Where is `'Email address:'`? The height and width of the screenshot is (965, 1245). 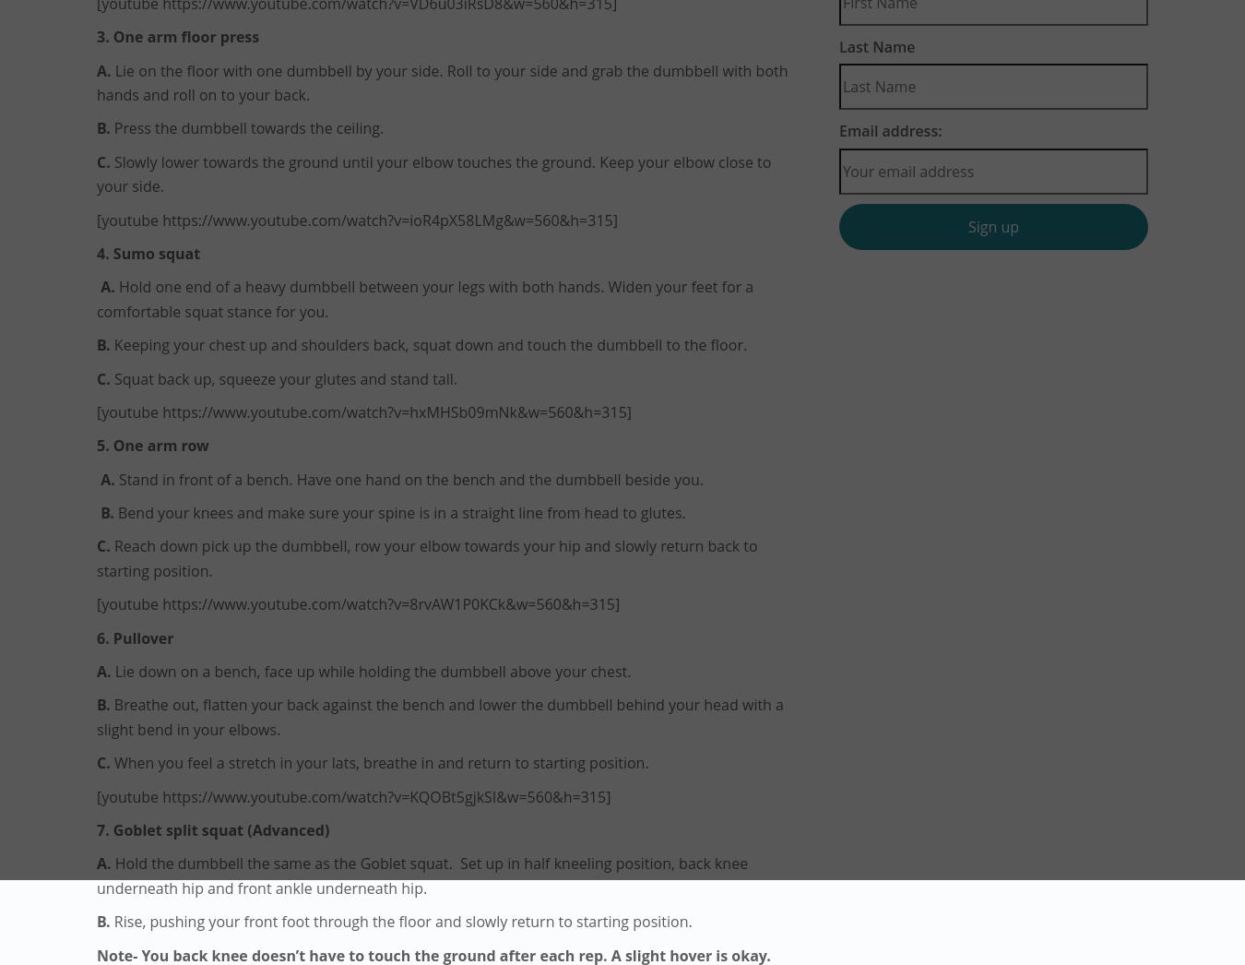 'Email address:' is located at coordinates (889, 130).